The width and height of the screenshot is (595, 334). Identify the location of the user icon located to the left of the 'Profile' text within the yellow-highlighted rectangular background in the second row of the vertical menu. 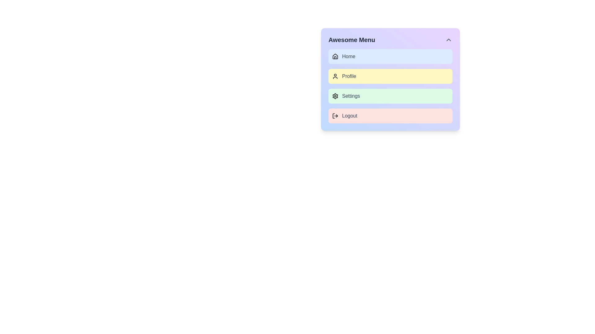
(335, 76).